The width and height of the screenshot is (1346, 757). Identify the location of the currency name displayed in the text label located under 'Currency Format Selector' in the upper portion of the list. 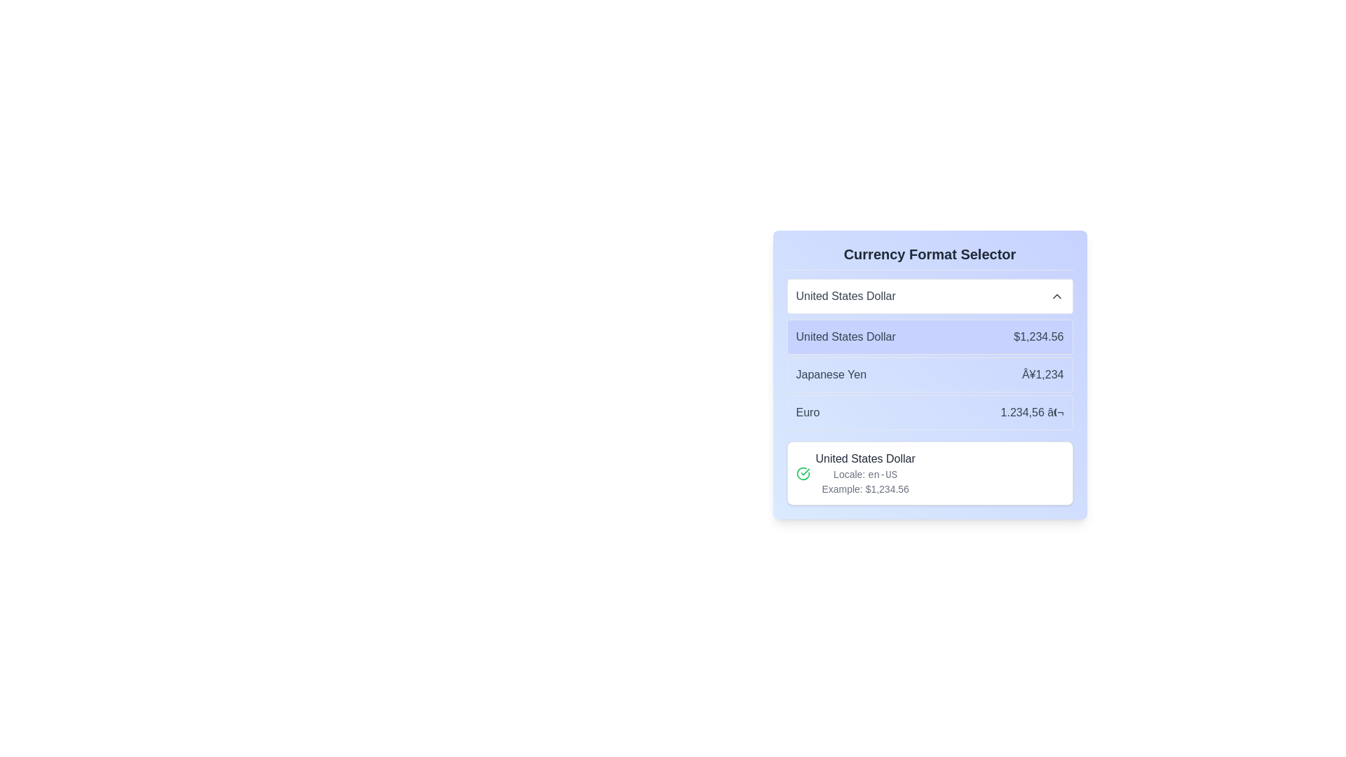
(845, 337).